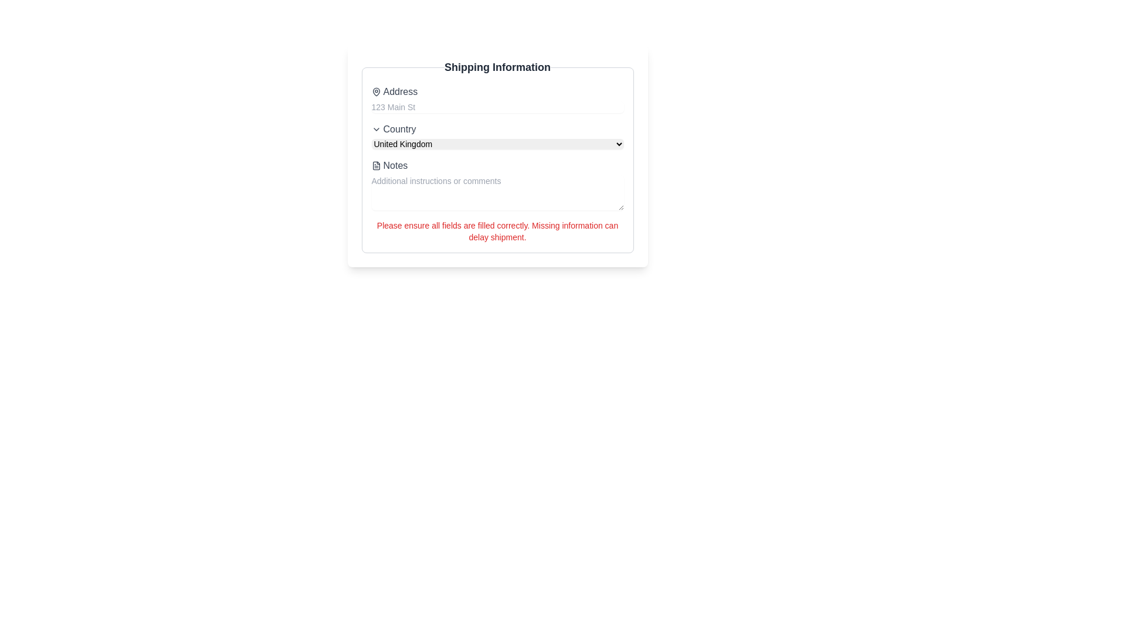  What do you see at coordinates (376, 129) in the screenshot?
I see `the dropdown chevron icon located in the 'Country' row` at bounding box center [376, 129].